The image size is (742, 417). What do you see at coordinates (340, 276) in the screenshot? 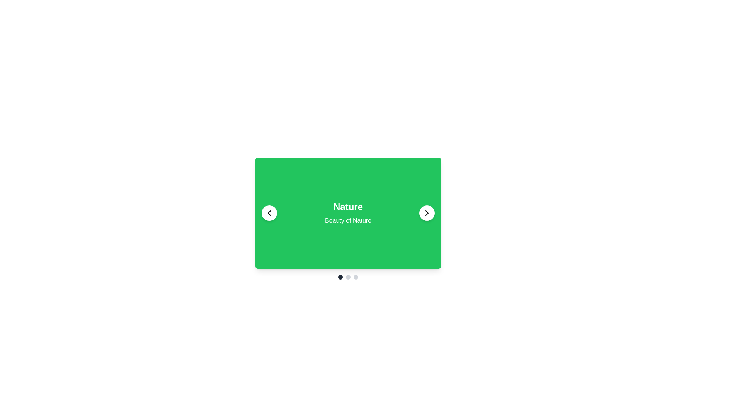
I see `the status of the Indicator Dot, which is the first circle in a horizontal row of three located at the bottom center of the card section` at bounding box center [340, 276].